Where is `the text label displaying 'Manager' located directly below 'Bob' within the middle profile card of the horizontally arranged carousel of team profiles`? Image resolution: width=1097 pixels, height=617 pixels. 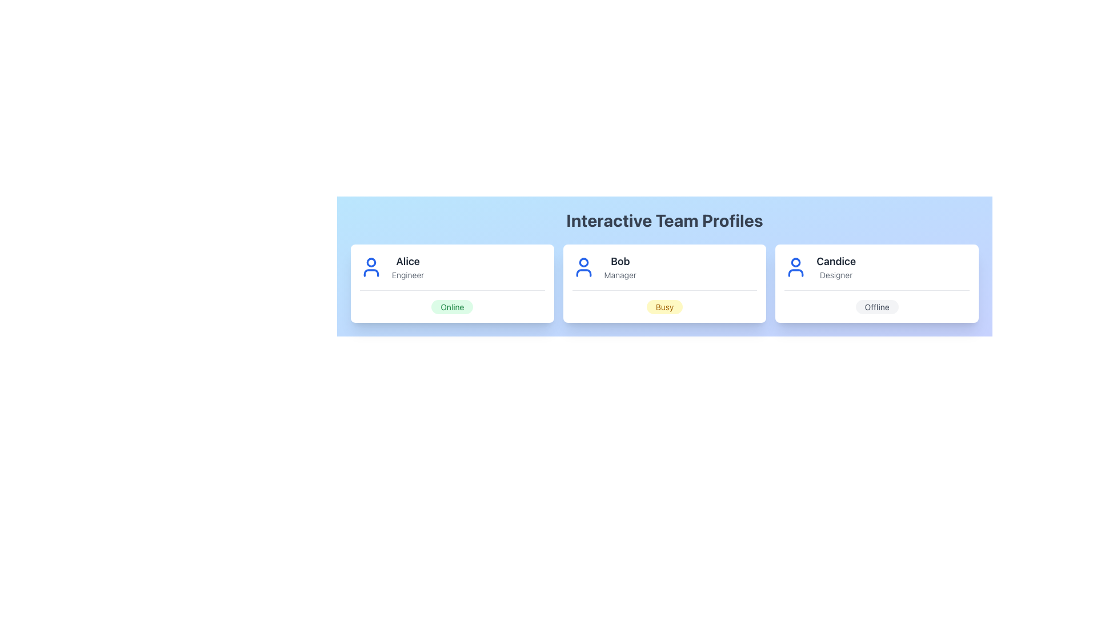 the text label displaying 'Manager' located directly below 'Bob' within the middle profile card of the horizontally arranged carousel of team profiles is located at coordinates (619, 275).